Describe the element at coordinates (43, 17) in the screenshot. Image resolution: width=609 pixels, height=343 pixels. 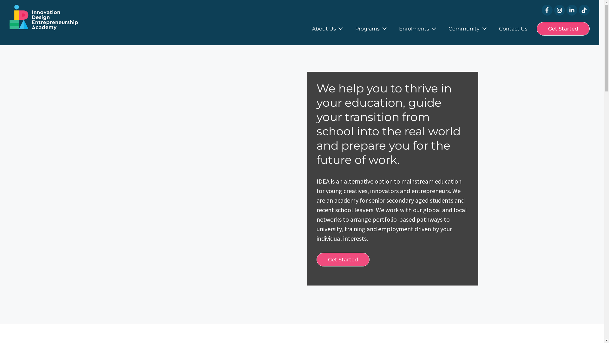
I see `'IDEA'` at that location.